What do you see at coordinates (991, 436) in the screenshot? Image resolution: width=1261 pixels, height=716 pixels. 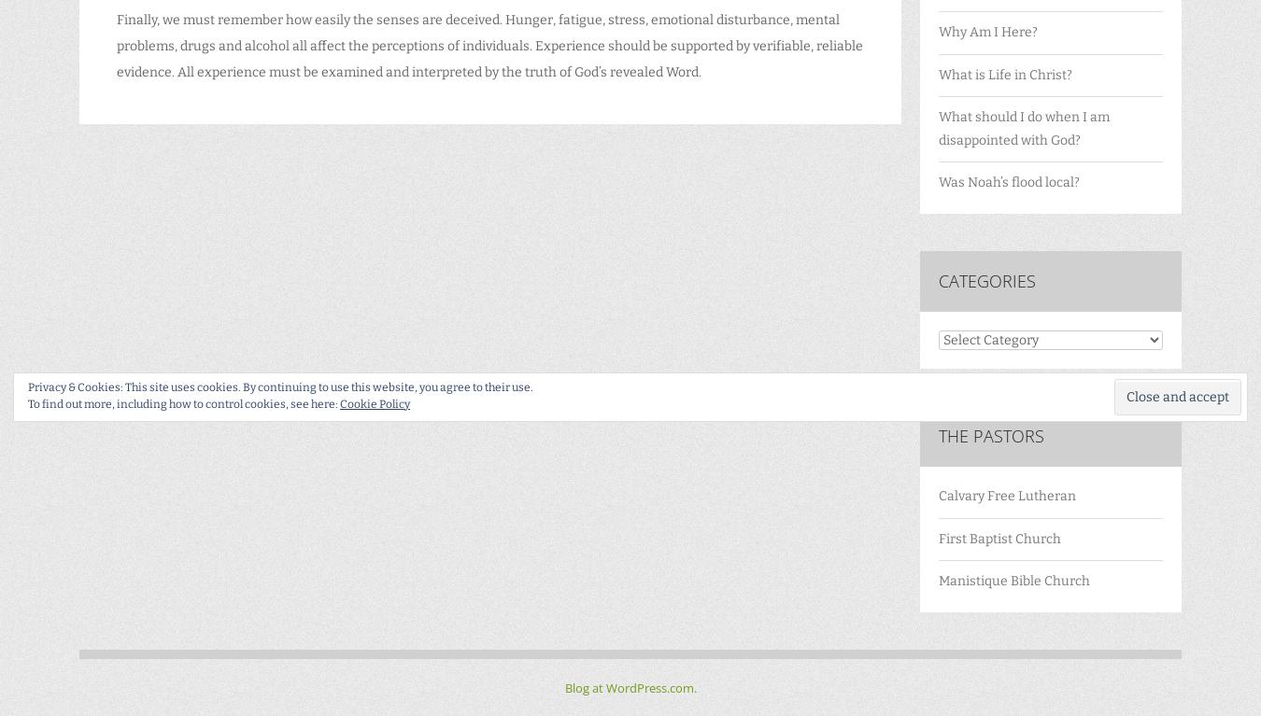 I see `'The Pastors'` at bounding box center [991, 436].